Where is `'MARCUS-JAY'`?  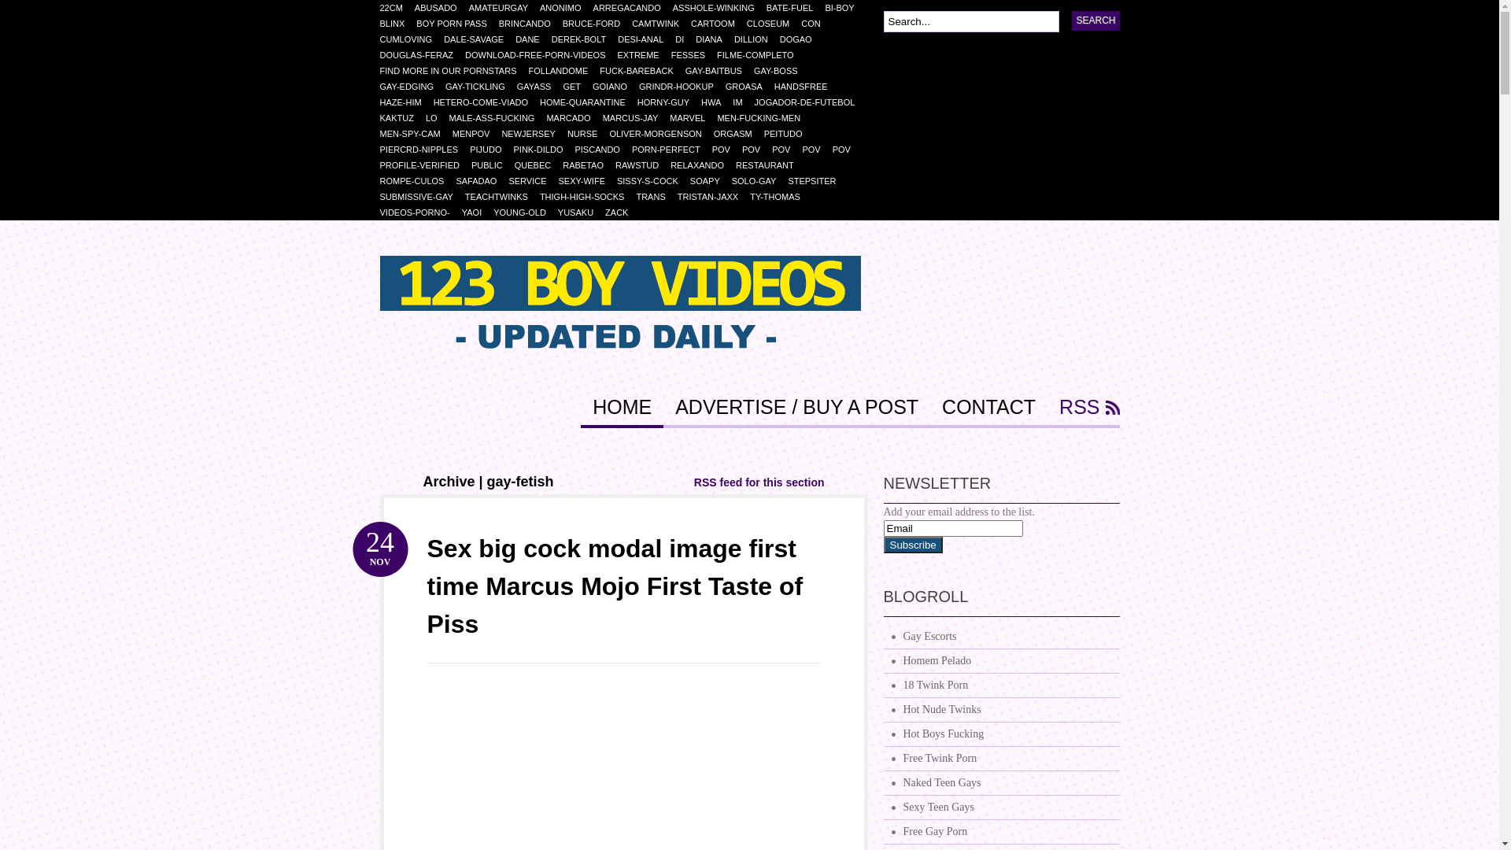
'MARCUS-JAY' is located at coordinates (637, 117).